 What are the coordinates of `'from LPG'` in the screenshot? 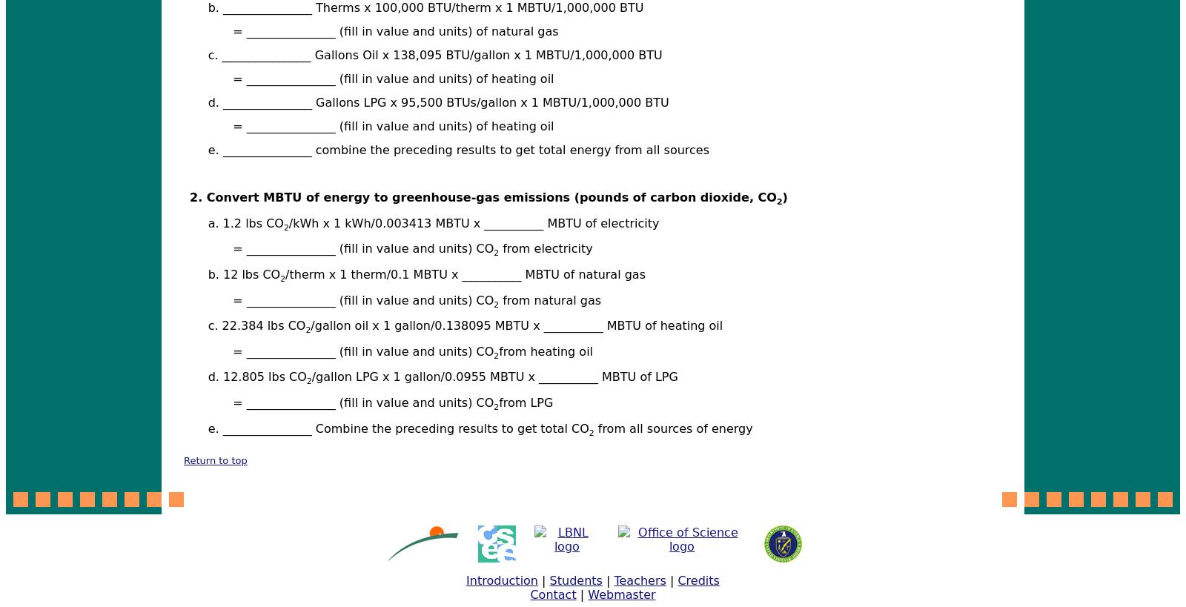 It's located at (526, 402).